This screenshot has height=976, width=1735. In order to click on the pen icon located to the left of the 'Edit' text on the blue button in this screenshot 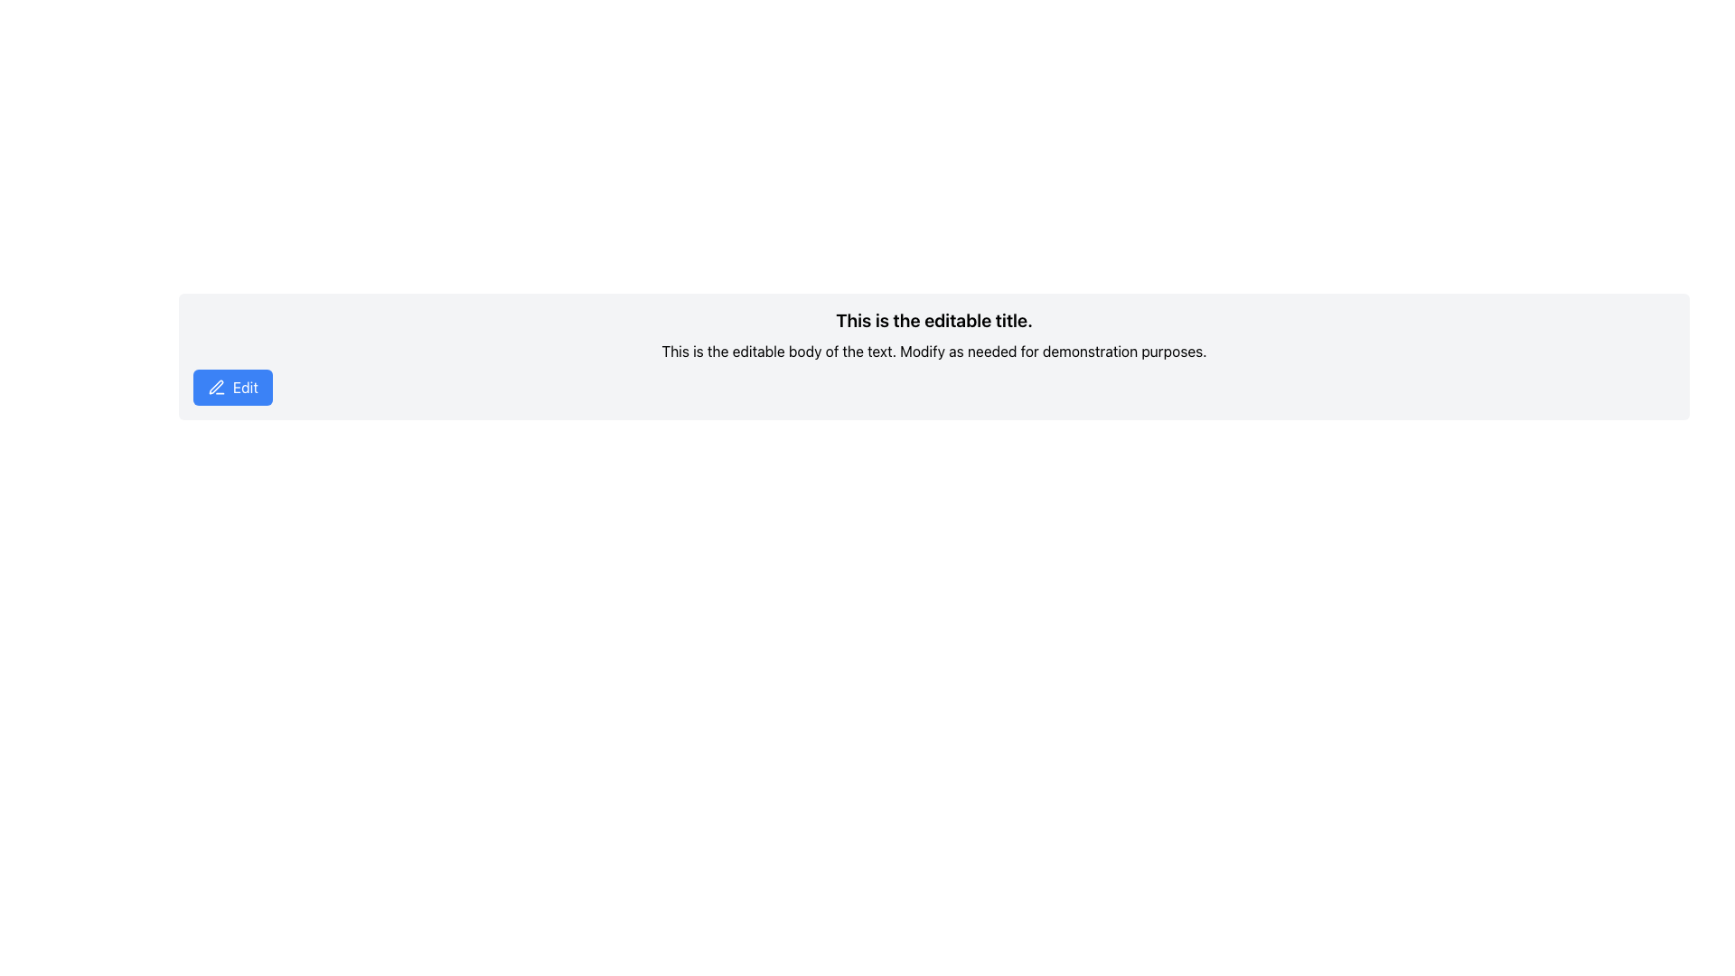, I will do `click(217, 386)`.